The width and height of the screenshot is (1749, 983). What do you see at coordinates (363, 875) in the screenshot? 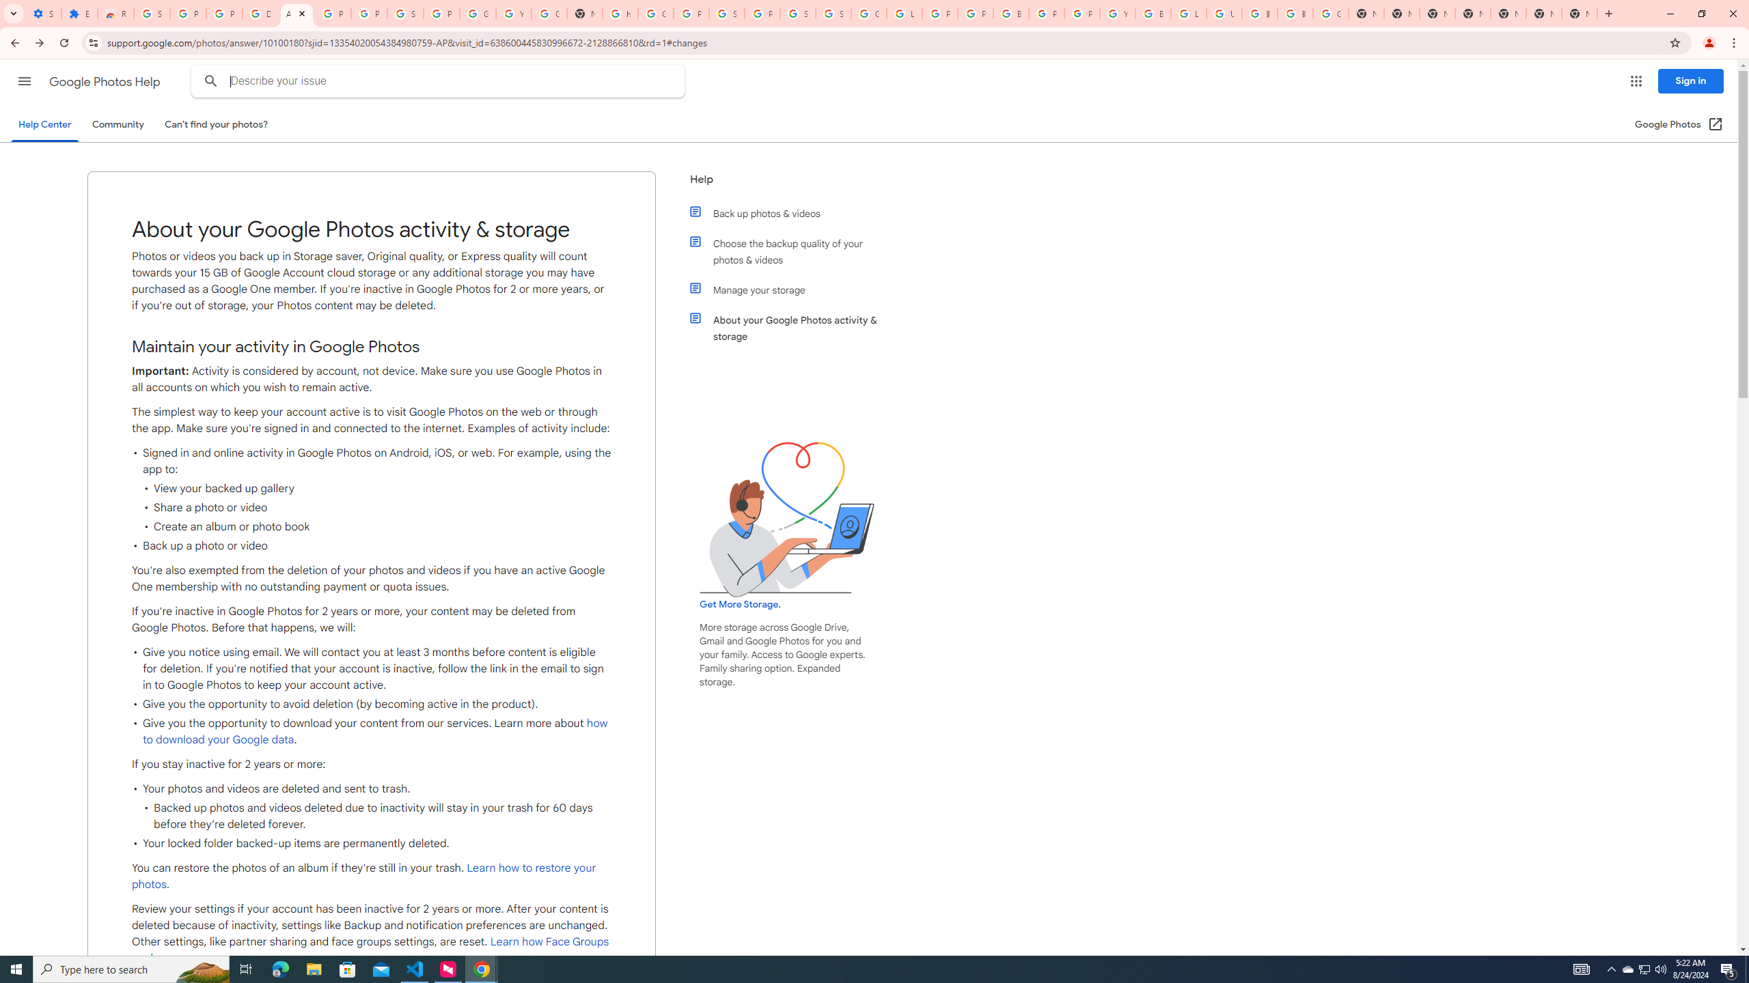
I see `'Learn how to restore your photos'` at bounding box center [363, 875].